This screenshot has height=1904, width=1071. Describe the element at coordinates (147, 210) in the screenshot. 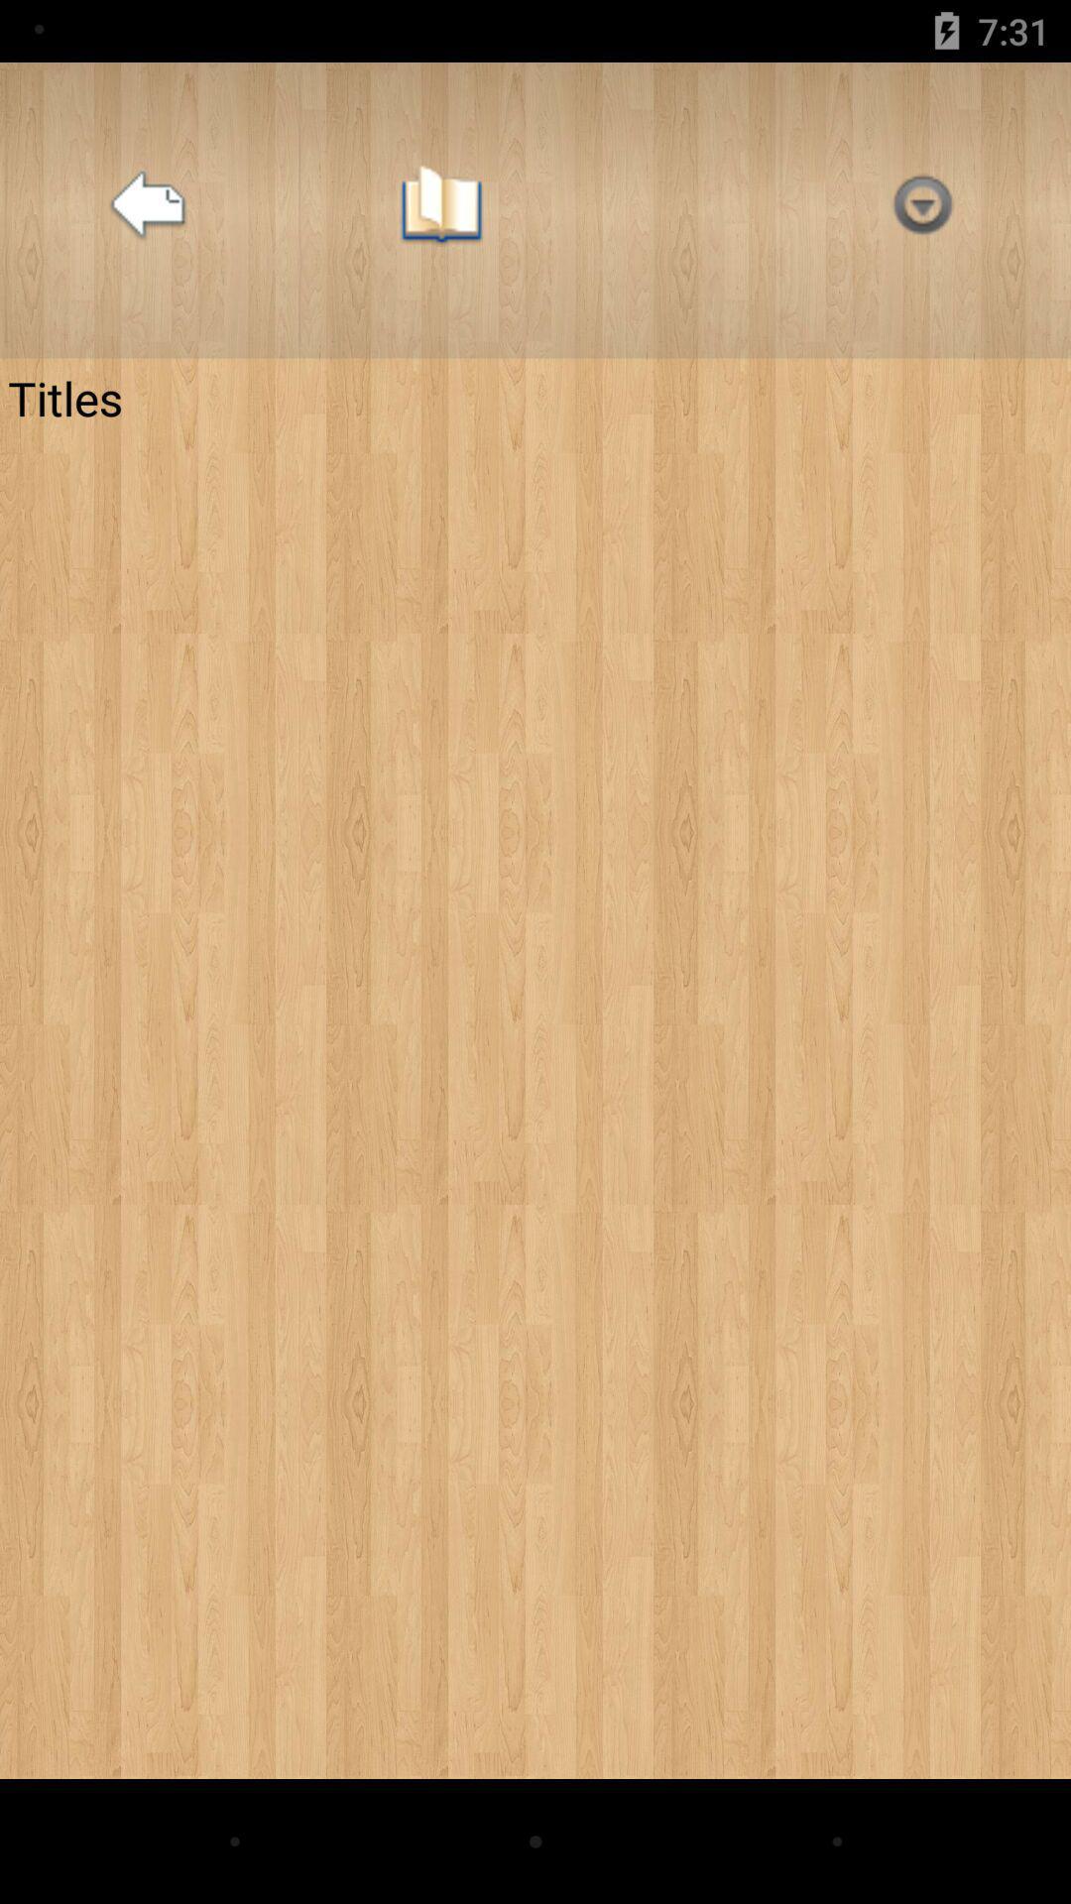

I see `the item at the top left corner` at that location.